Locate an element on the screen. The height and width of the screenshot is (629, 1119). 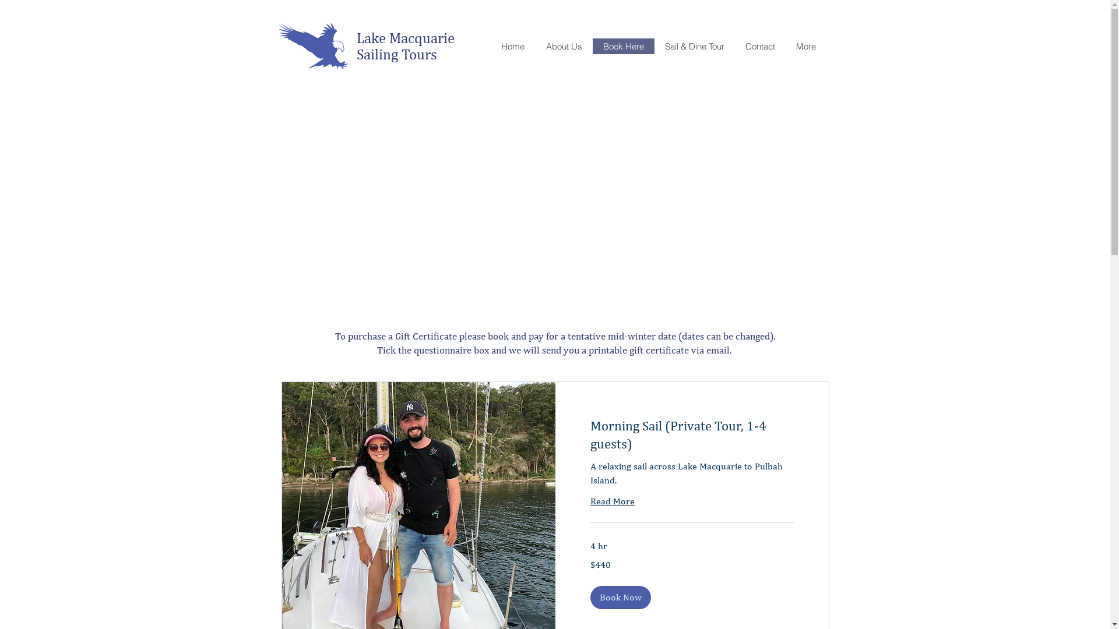
'Lake Macquarie is located at coordinates (407, 45).